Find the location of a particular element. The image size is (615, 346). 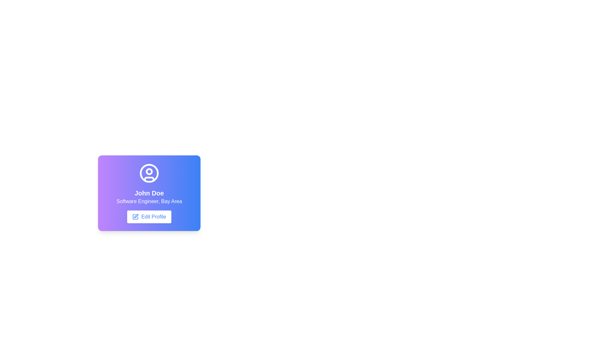

the text element displaying 'John Doe', which is styled in bold white font and is the main name header within a rounded rectangular card component, positioned above the 'Software Engineer, Bay Area' text is located at coordinates (149, 193).